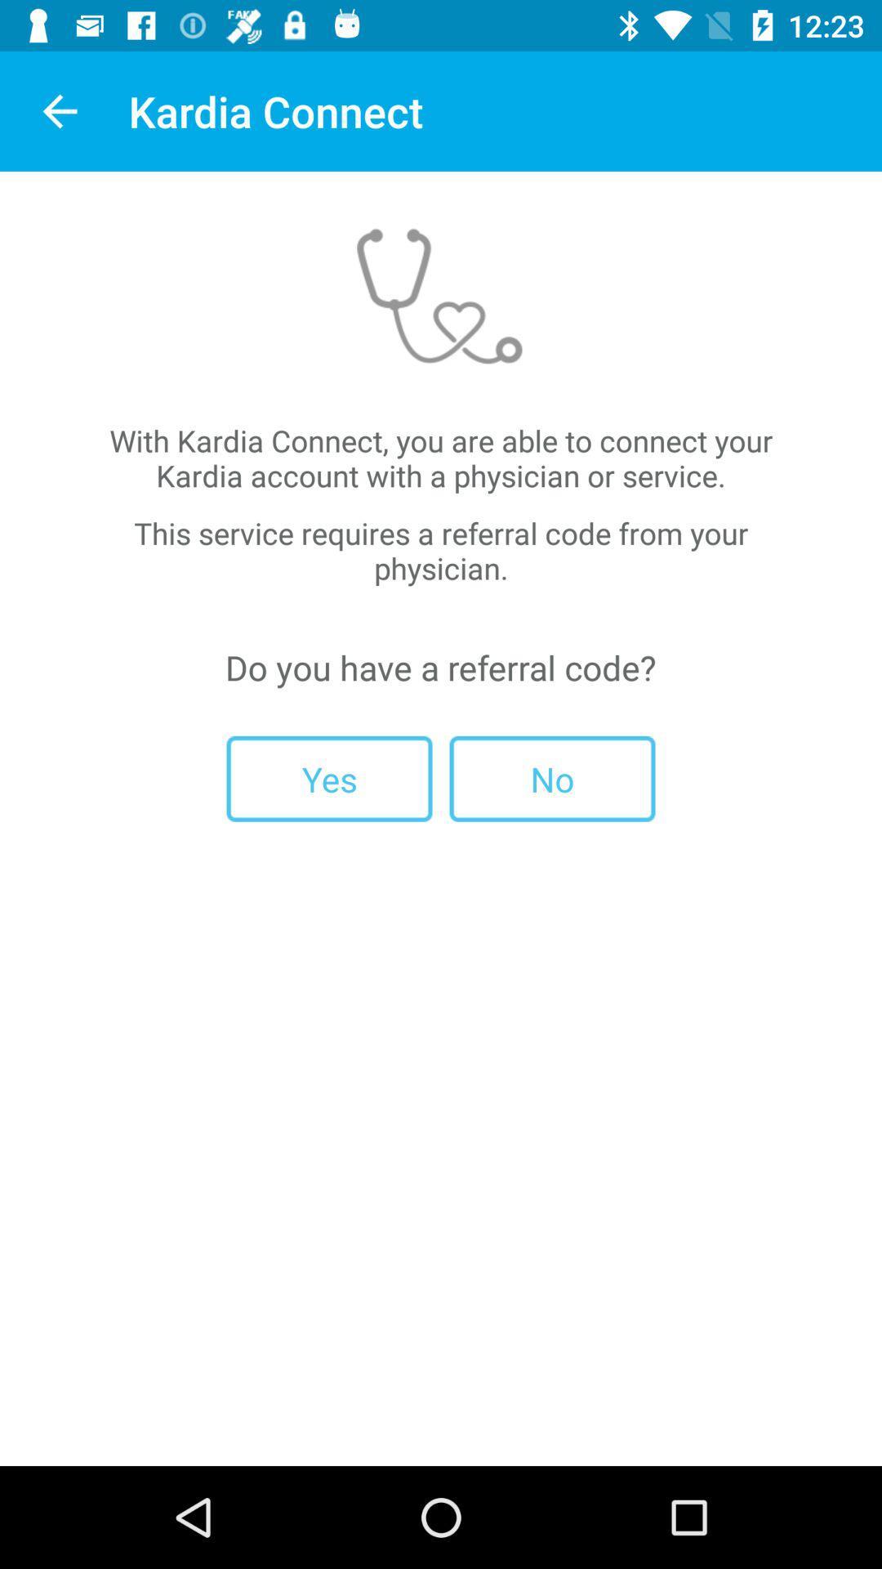  Describe the element at coordinates (59, 110) in the screenshot. I see `app to the left of the kardia connect item` at that location.